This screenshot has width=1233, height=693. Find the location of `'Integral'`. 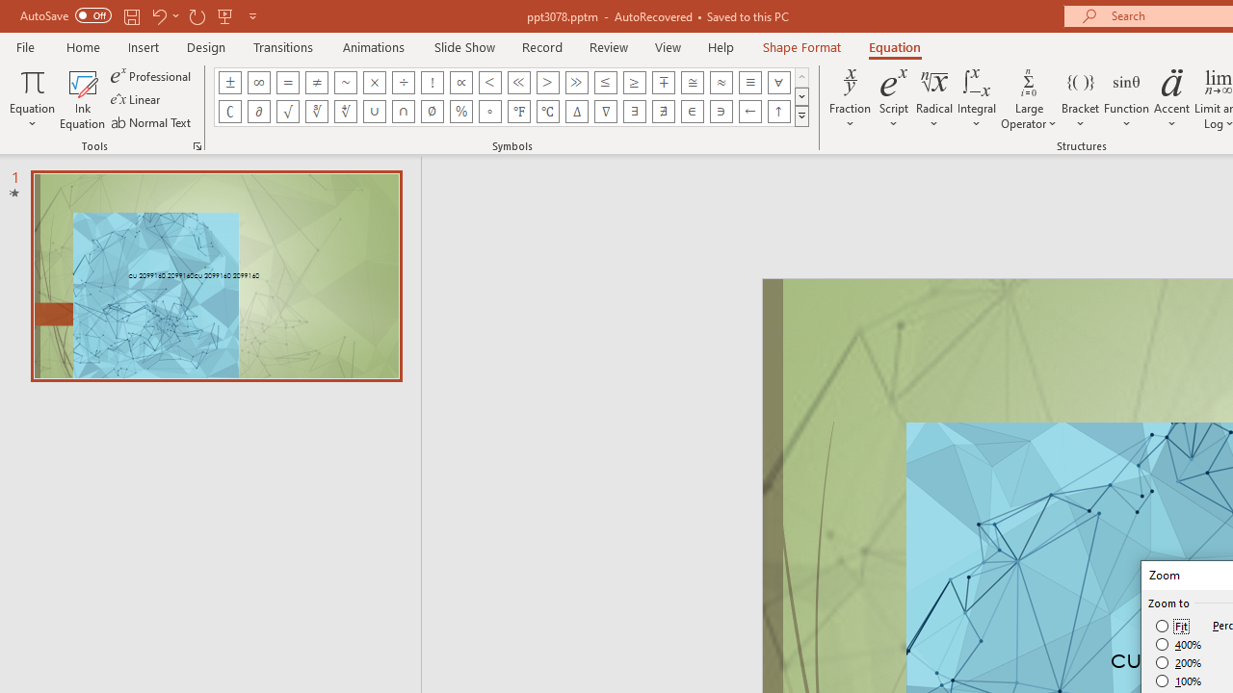

'Integral' is located at coordinates (977, 99).